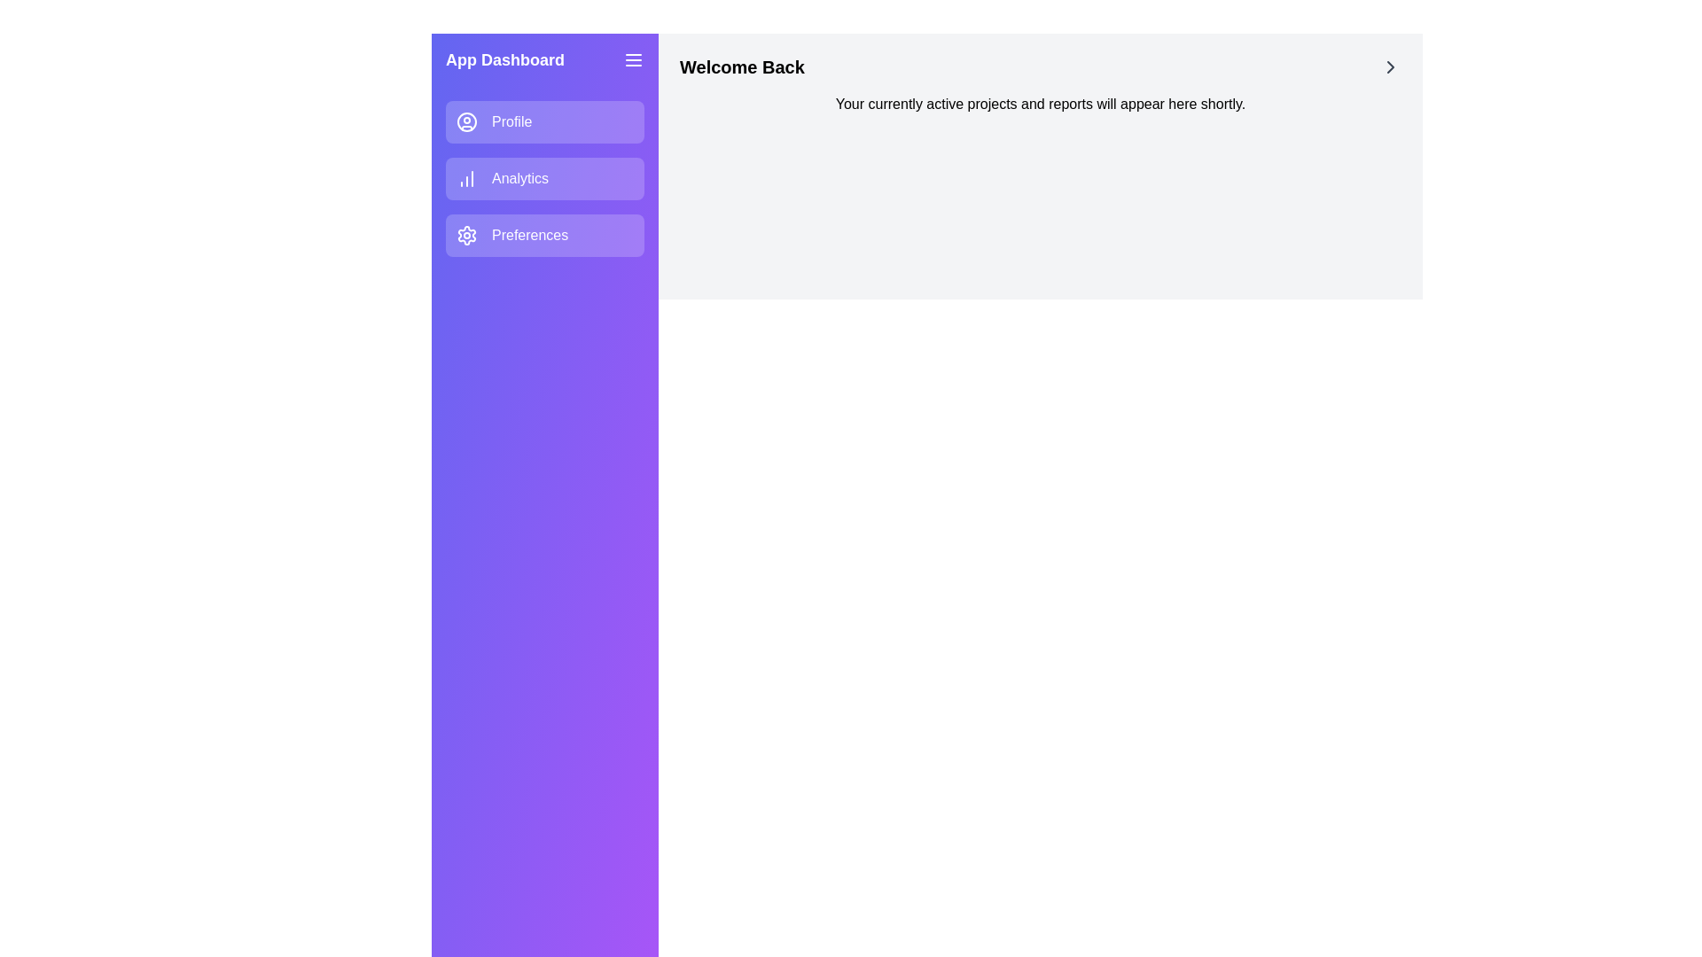 This screenshot has height=957, width=1702. I want to click on menu button to toggle the visibility of the drawer menu, so click(634, 59).